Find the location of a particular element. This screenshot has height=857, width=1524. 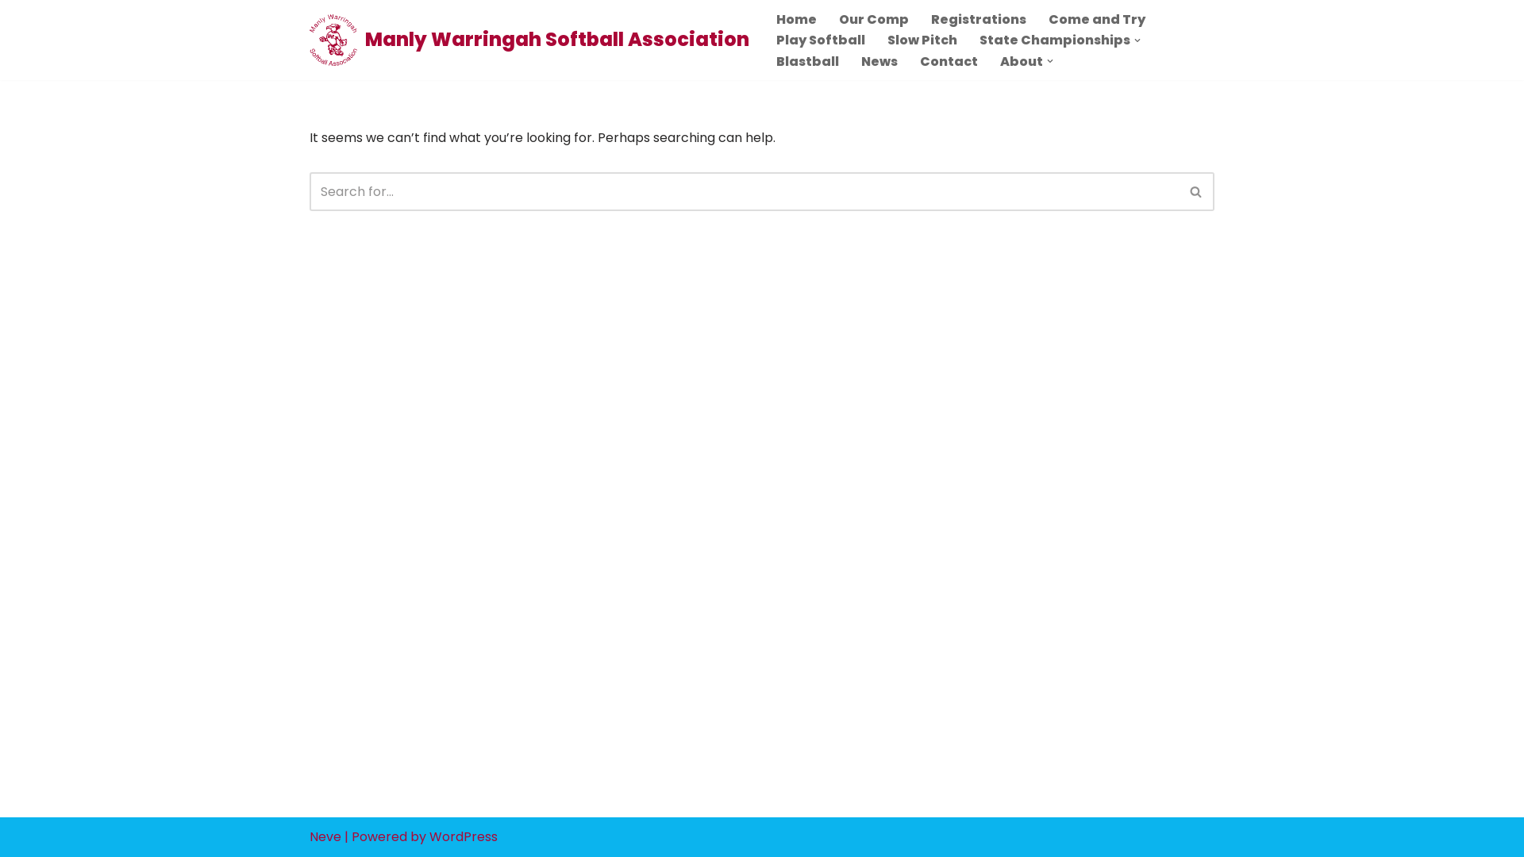

'Neve' is located at coordinates (309, 836).